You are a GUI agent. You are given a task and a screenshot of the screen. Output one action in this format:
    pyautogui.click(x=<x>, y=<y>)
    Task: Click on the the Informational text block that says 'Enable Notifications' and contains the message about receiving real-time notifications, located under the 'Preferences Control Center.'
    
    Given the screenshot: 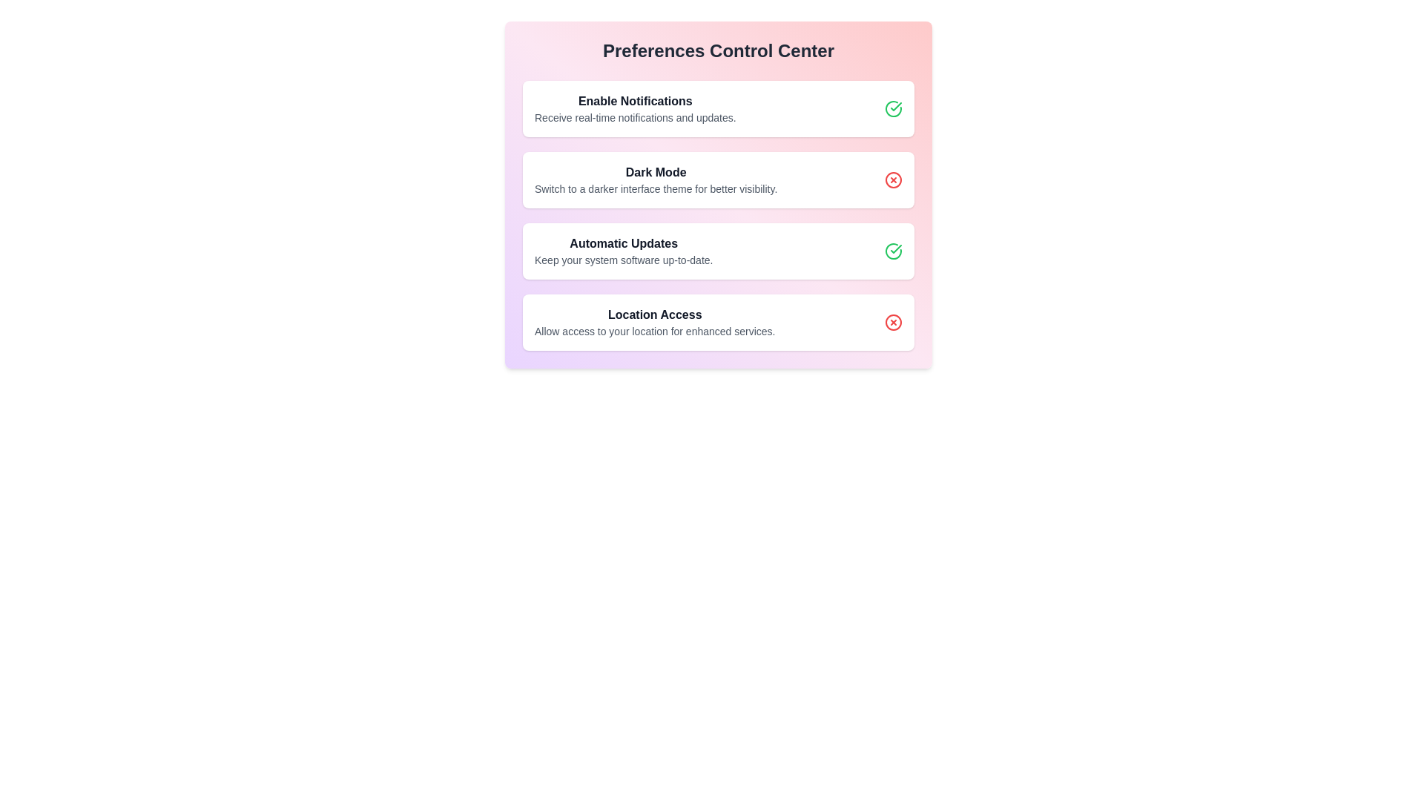 What is the action you would take?
    pyautogui.click(x=635, y=108)
    